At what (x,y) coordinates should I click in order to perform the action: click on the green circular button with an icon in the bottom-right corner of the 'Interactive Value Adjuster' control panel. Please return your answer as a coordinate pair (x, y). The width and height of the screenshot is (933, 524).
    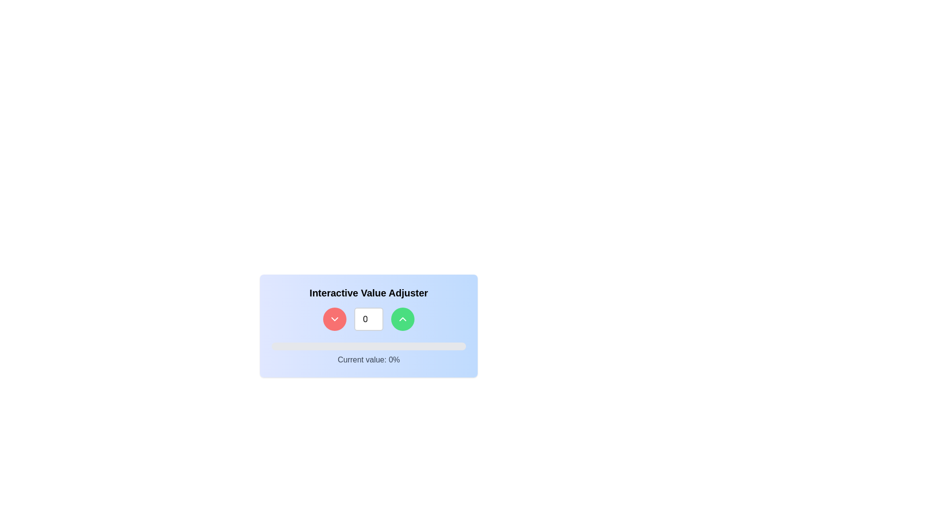
    Looking at the image, I should click on (403, 319).